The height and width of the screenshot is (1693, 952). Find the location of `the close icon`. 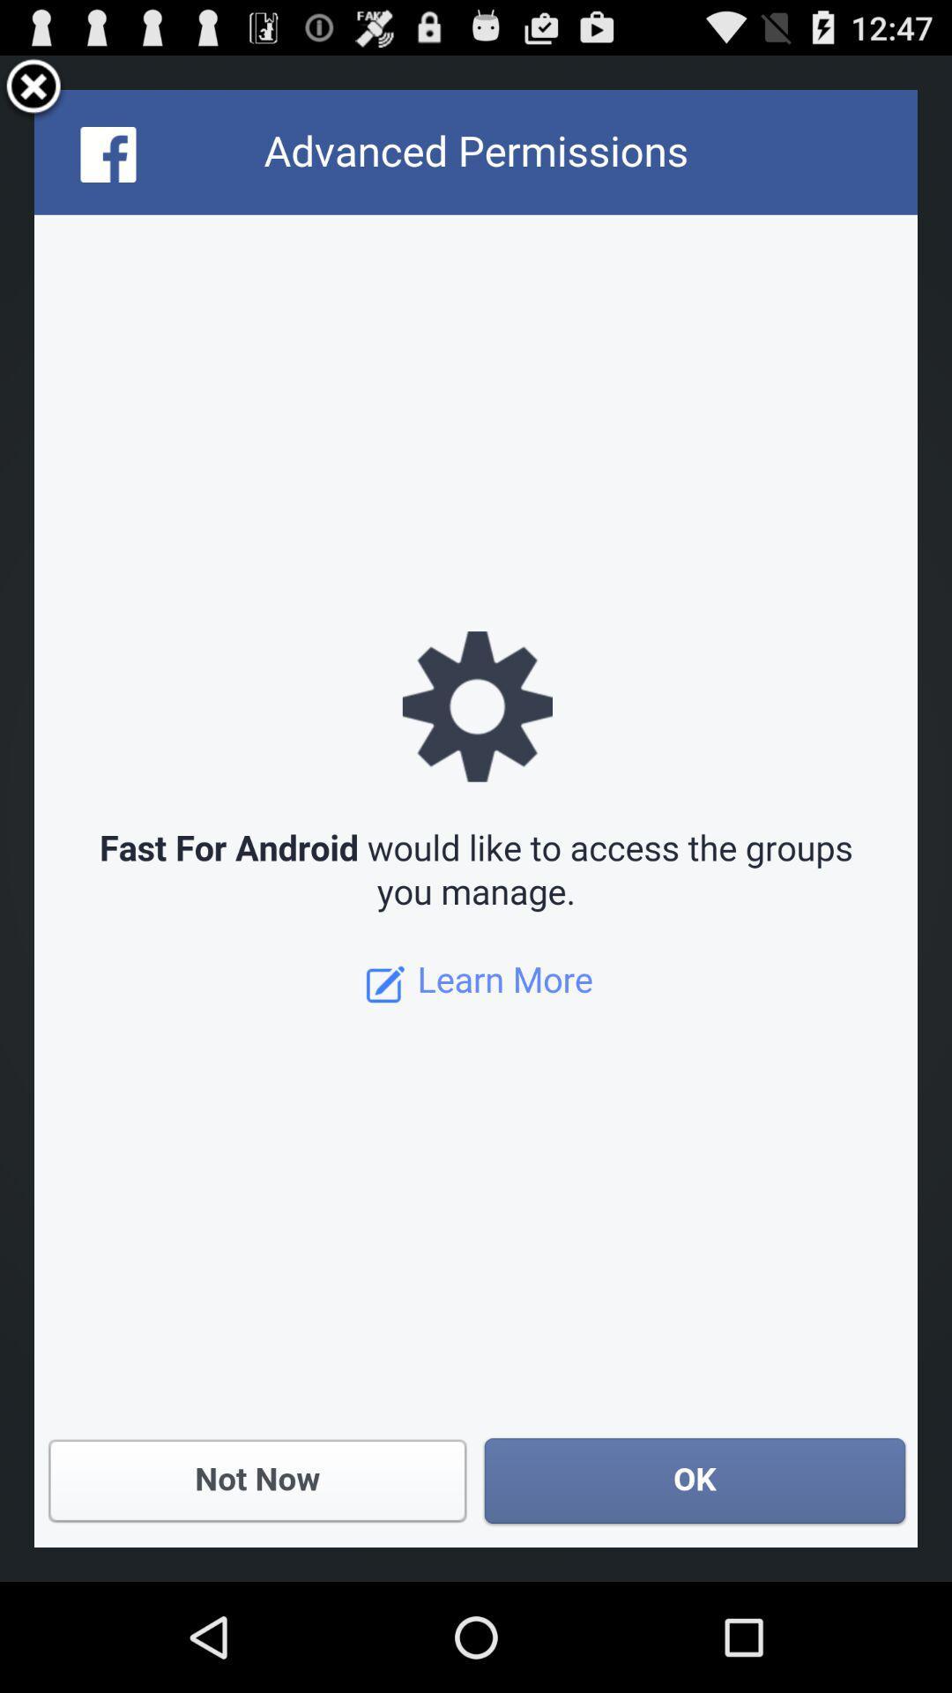

the close icon is located at coordinates (33, 94).